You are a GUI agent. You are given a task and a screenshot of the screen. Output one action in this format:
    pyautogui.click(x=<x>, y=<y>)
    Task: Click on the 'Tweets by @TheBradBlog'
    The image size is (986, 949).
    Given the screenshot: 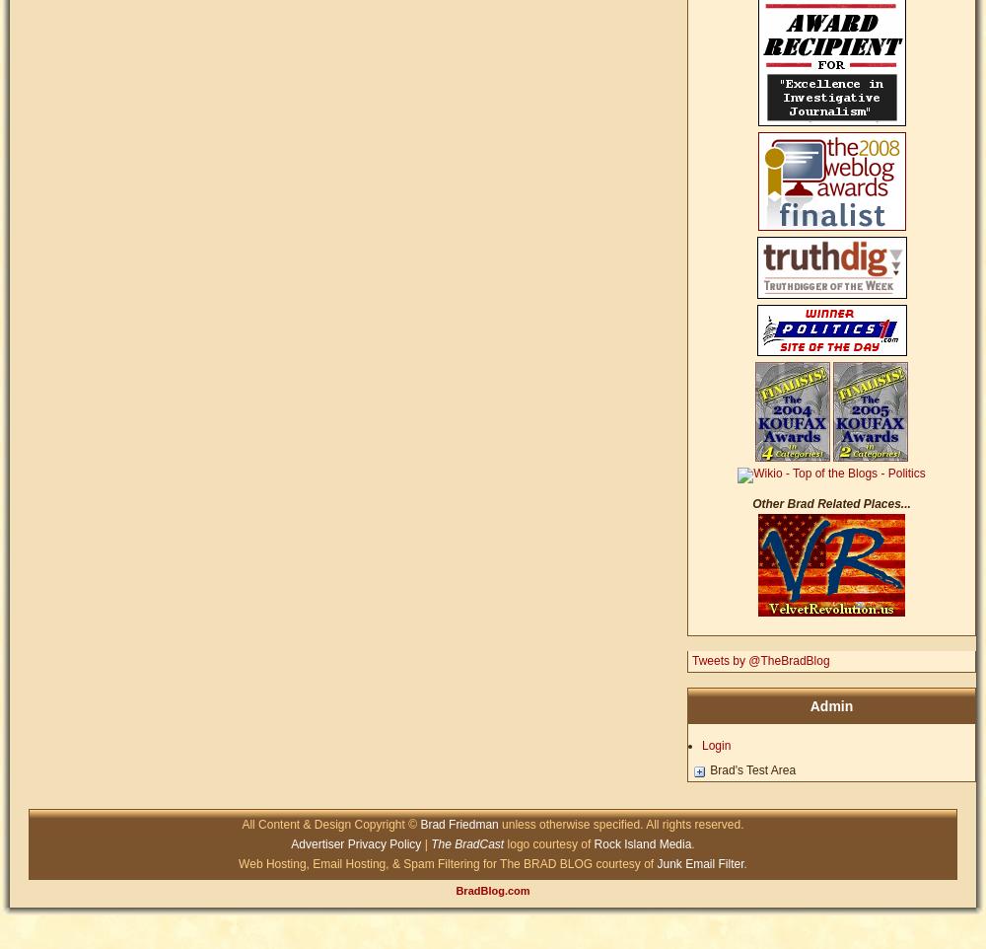 What is the action you would take?
    pyautogui.click(x=691, y=661)
    